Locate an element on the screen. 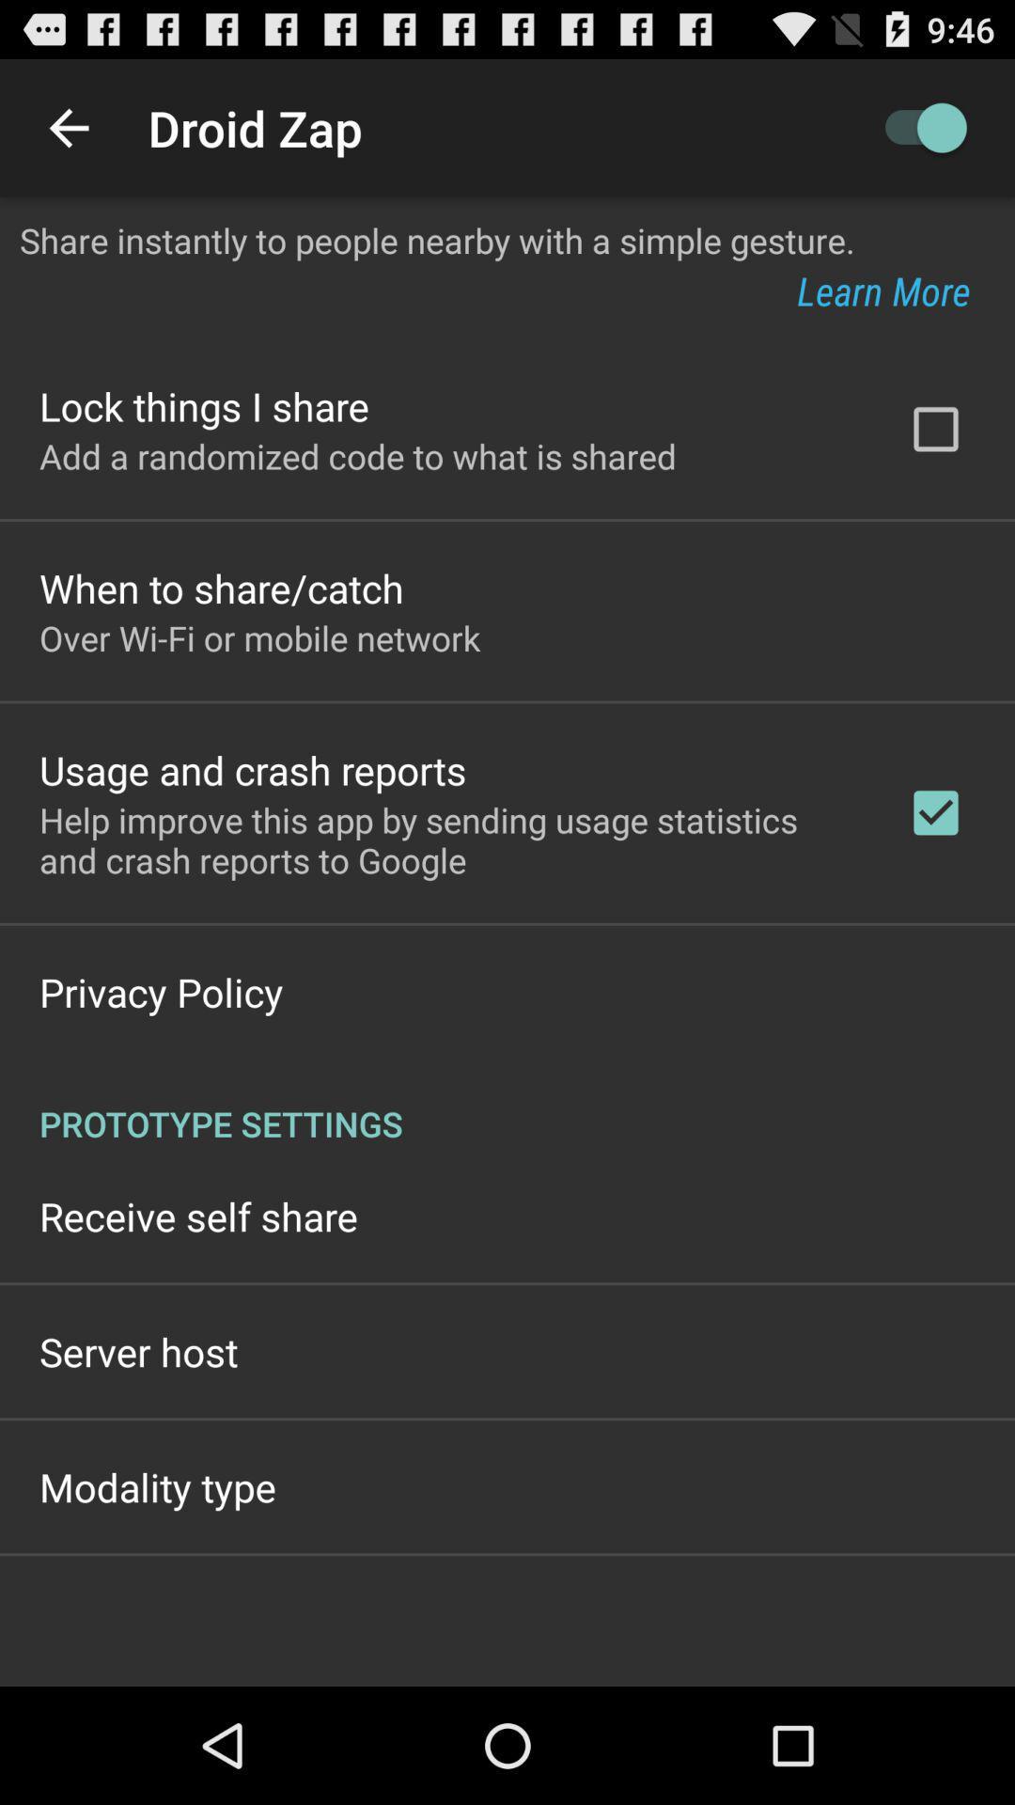  the receive self share icon is located at coordinates (198, 1216).